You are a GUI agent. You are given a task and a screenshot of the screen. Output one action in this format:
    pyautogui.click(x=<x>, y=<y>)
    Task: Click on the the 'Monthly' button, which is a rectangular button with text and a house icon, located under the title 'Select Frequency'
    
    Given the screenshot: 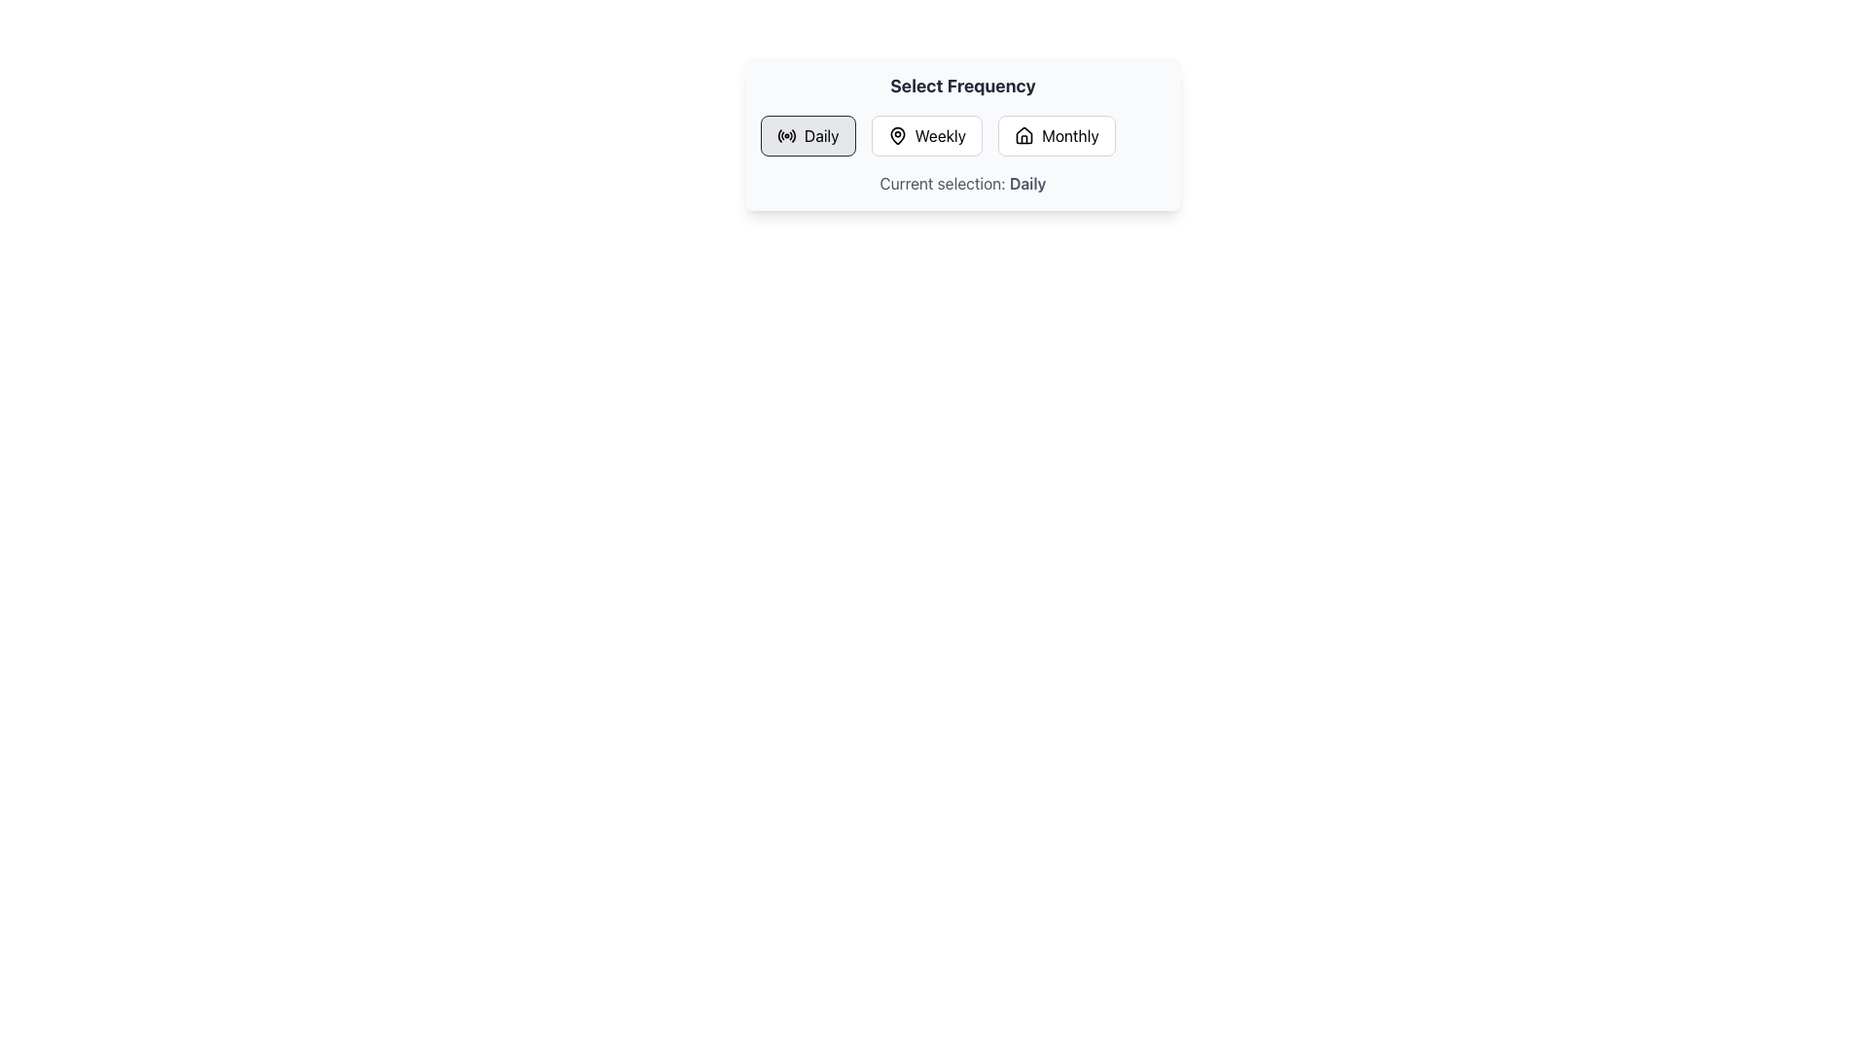 What is the action you would take?
    pyautogui.click(x=1055, y=134)
    